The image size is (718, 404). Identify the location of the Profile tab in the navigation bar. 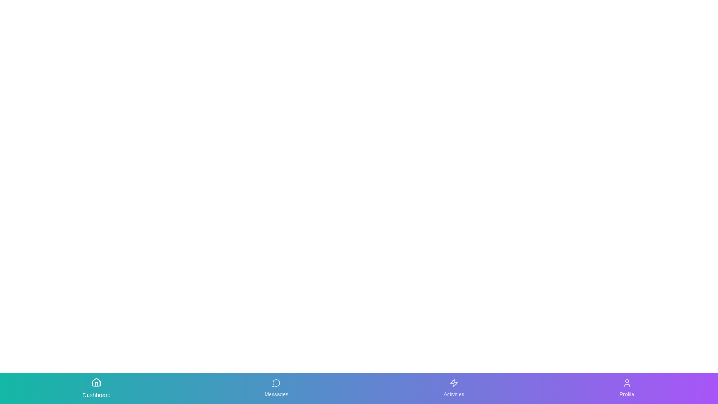
(626, 388).